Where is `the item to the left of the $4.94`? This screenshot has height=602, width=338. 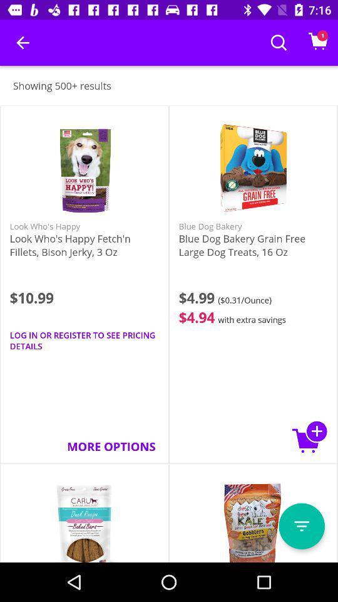
the item to the left of the $4.94 is located at coordinates (84, 341).